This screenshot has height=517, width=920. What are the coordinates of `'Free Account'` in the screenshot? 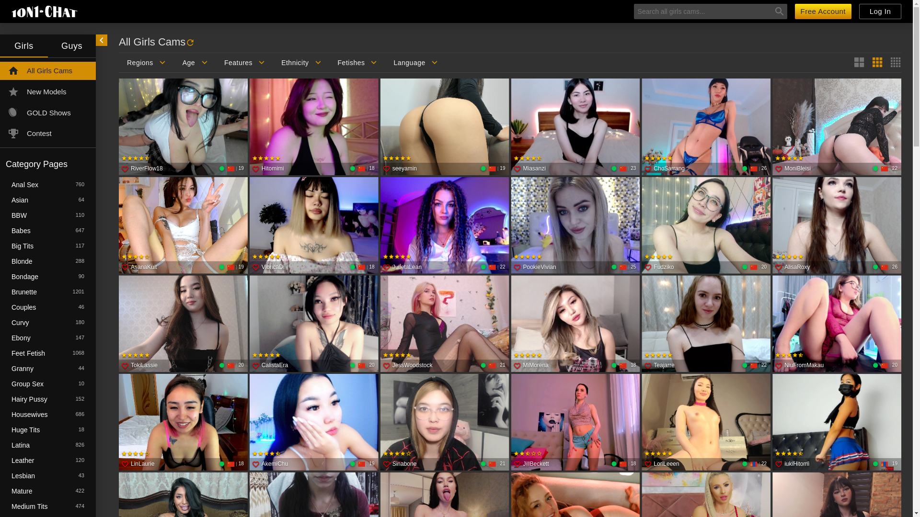 It's located at (823, 11).